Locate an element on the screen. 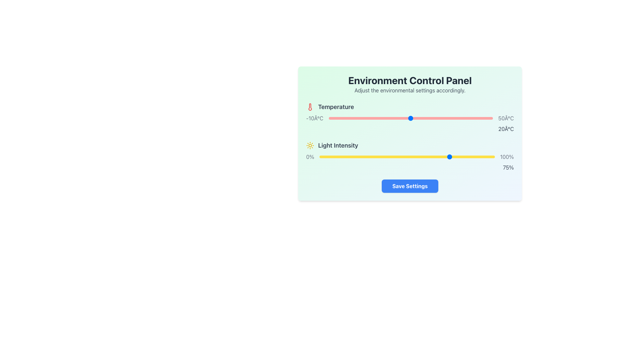 Image resolution: width=639 pixels, height=359 pixels. the temperature slider is located at coordinates (397, 118).